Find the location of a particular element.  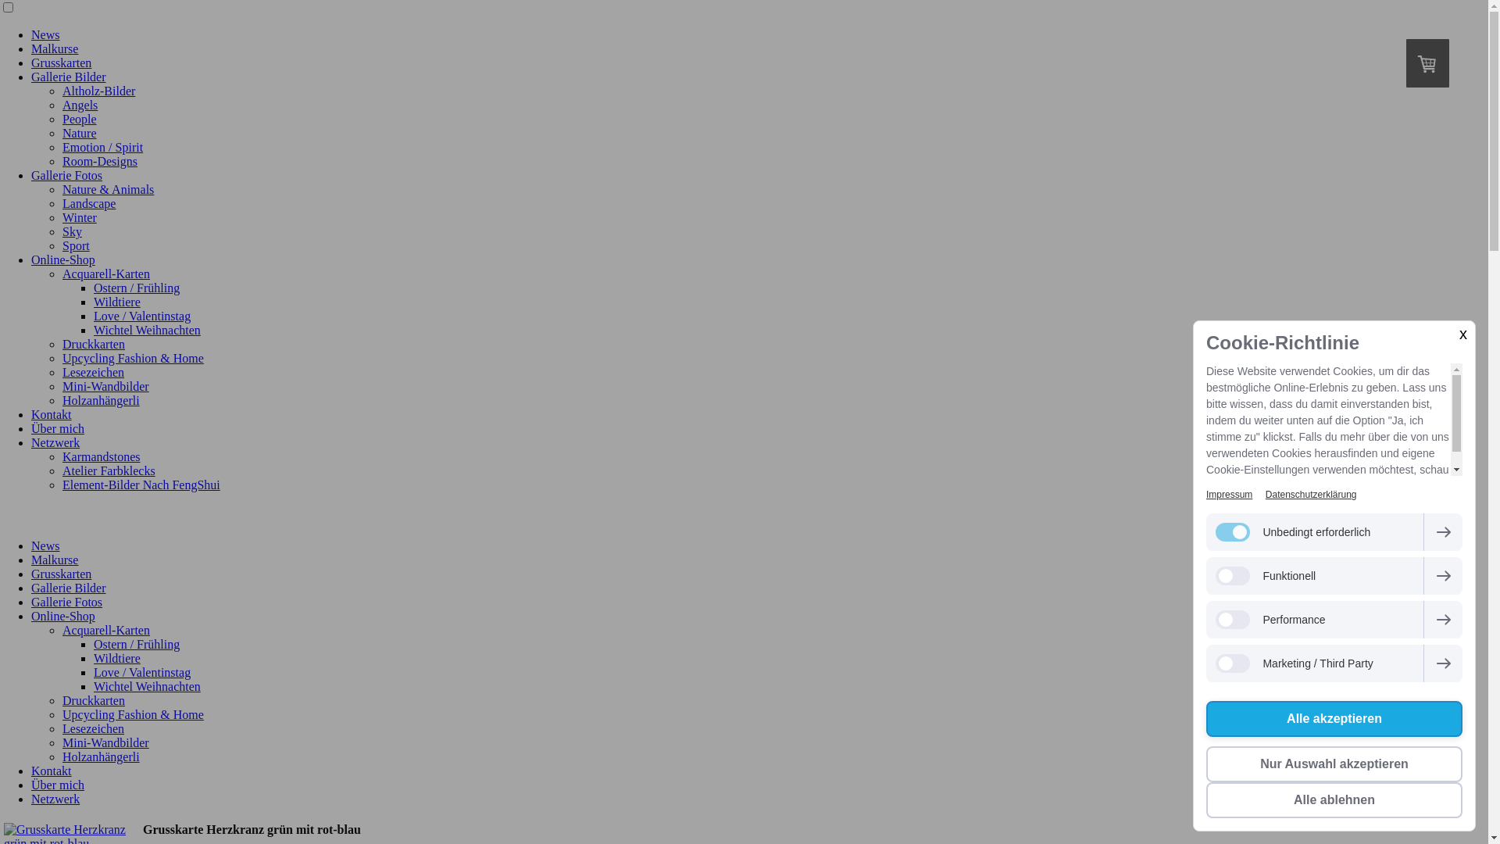

'Malkurse' is located at coordinates (55, 48).